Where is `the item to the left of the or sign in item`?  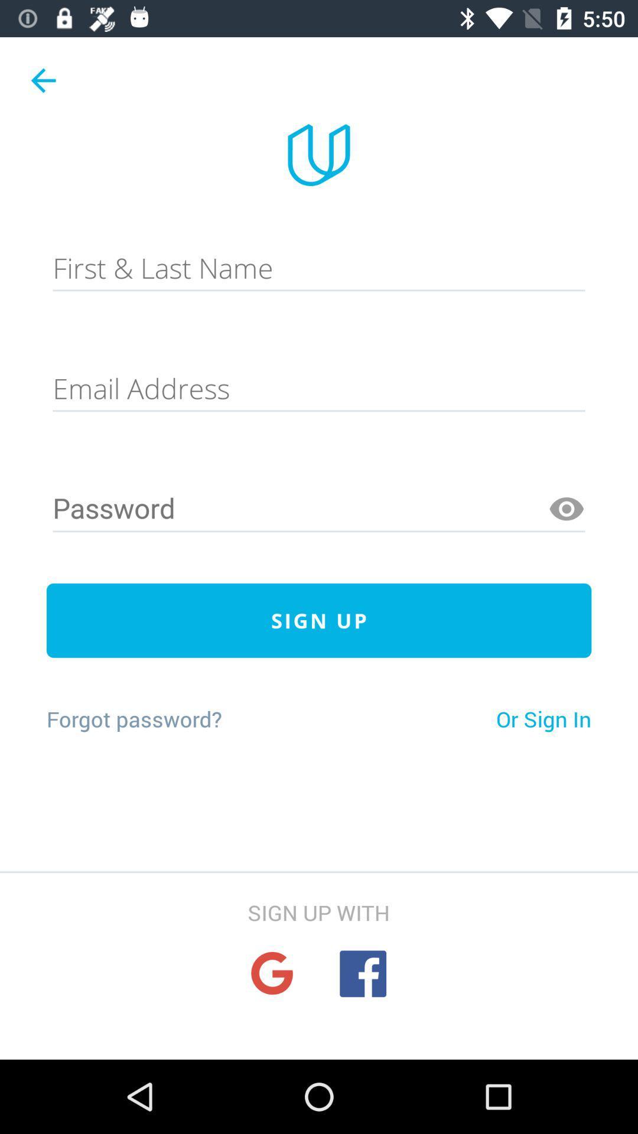 the item to the left of the or sign in item is located at coordinates (134, 718).